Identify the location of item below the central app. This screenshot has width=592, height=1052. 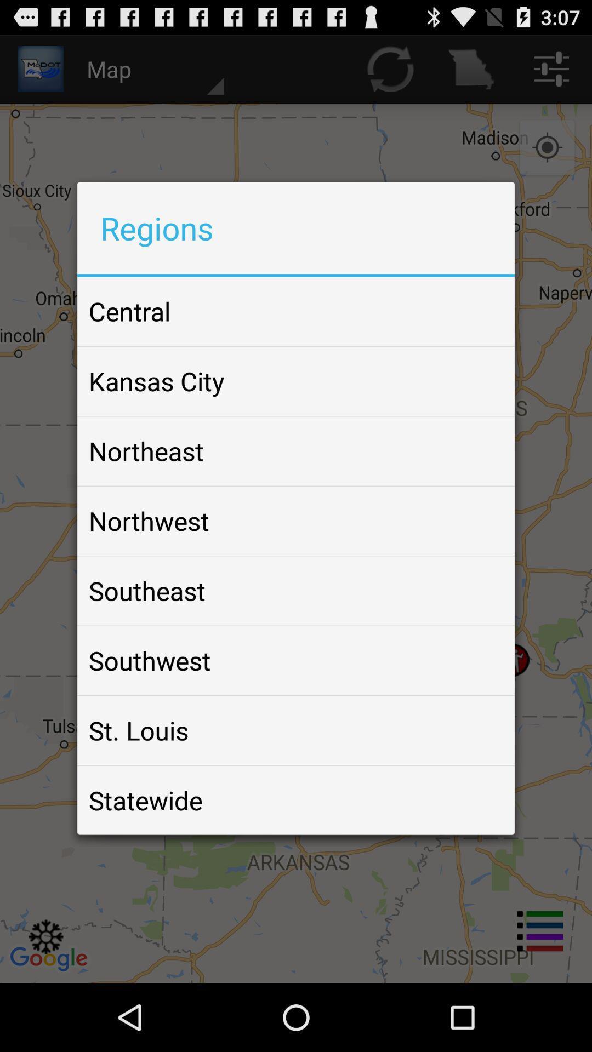
(156, 381).